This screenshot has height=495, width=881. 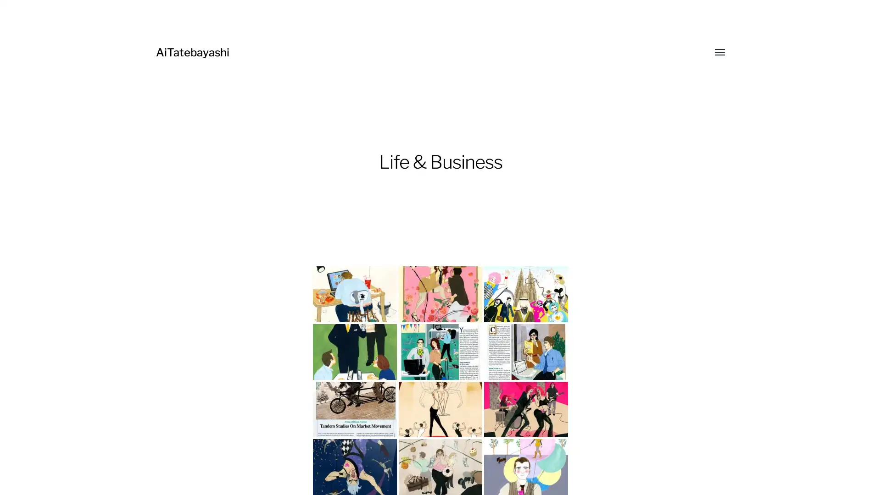 What do you see at coordinates (713, 52) in the screenshot?
I see `Toggle menu` at bounding box center [713, 52].